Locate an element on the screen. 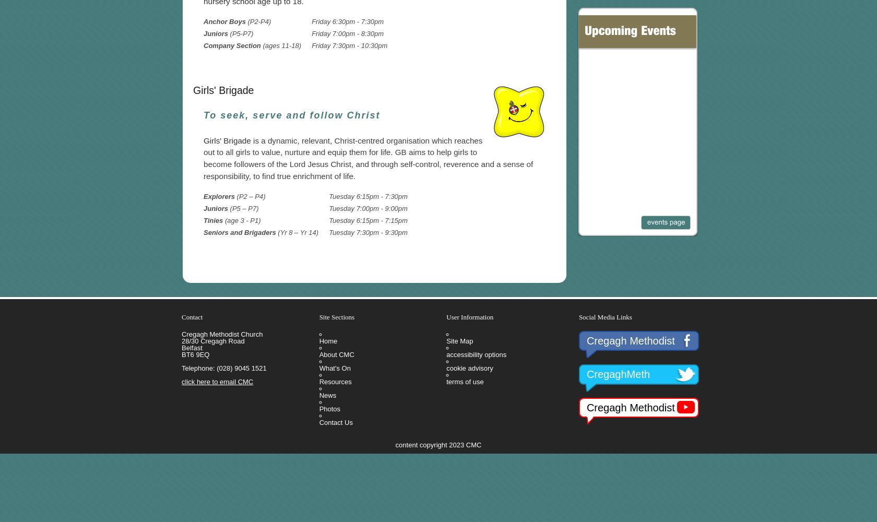 The image size is (877, 522). 'Tuesday 6:15pm - 7:15pm' is located at coordinates (368, 220).